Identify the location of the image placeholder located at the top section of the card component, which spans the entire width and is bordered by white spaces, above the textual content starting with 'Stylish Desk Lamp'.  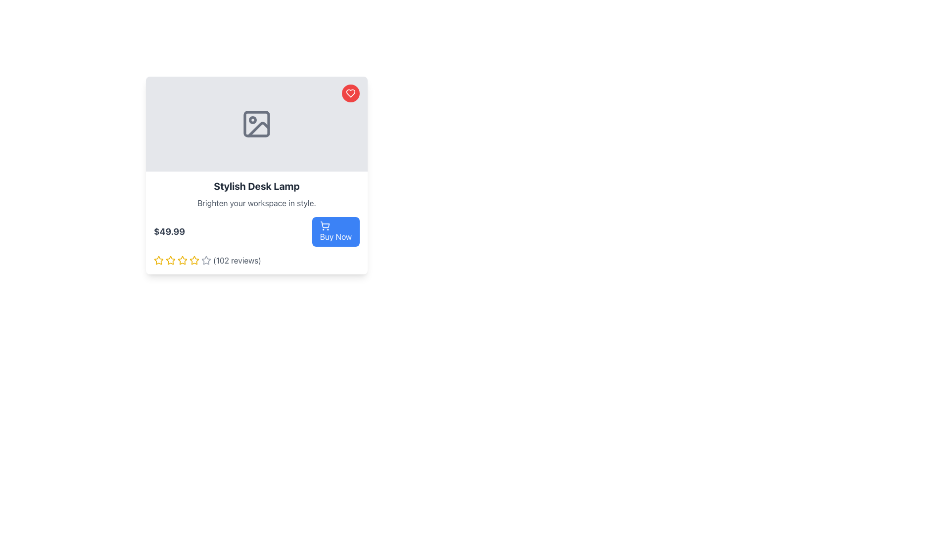
(256, 123).